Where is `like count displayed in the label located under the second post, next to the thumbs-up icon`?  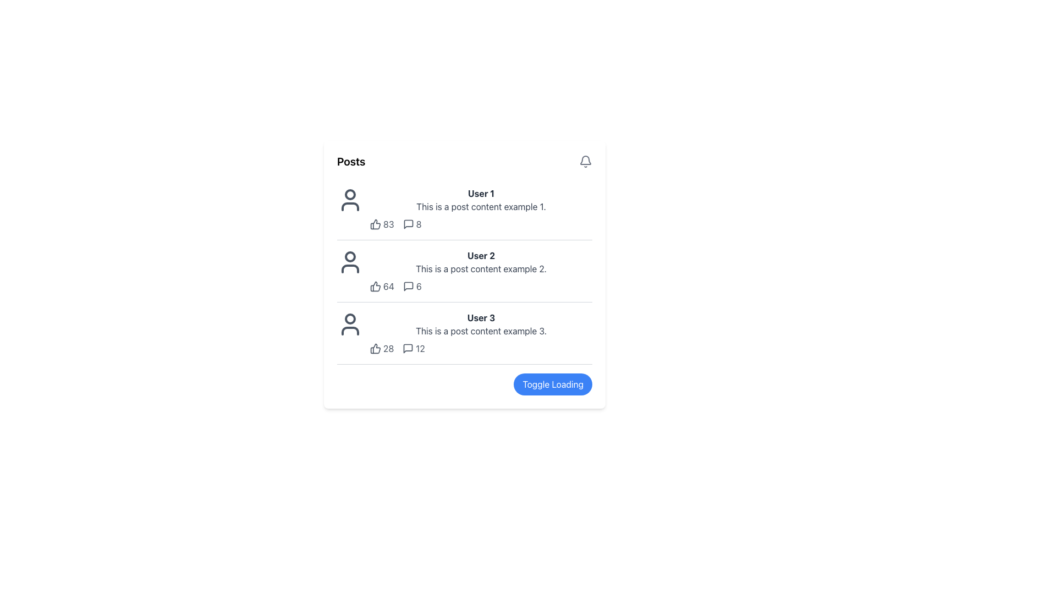 like count displayed in the label located under the second post, next to the thumbs-up icon is located at coordinates (382, 285).